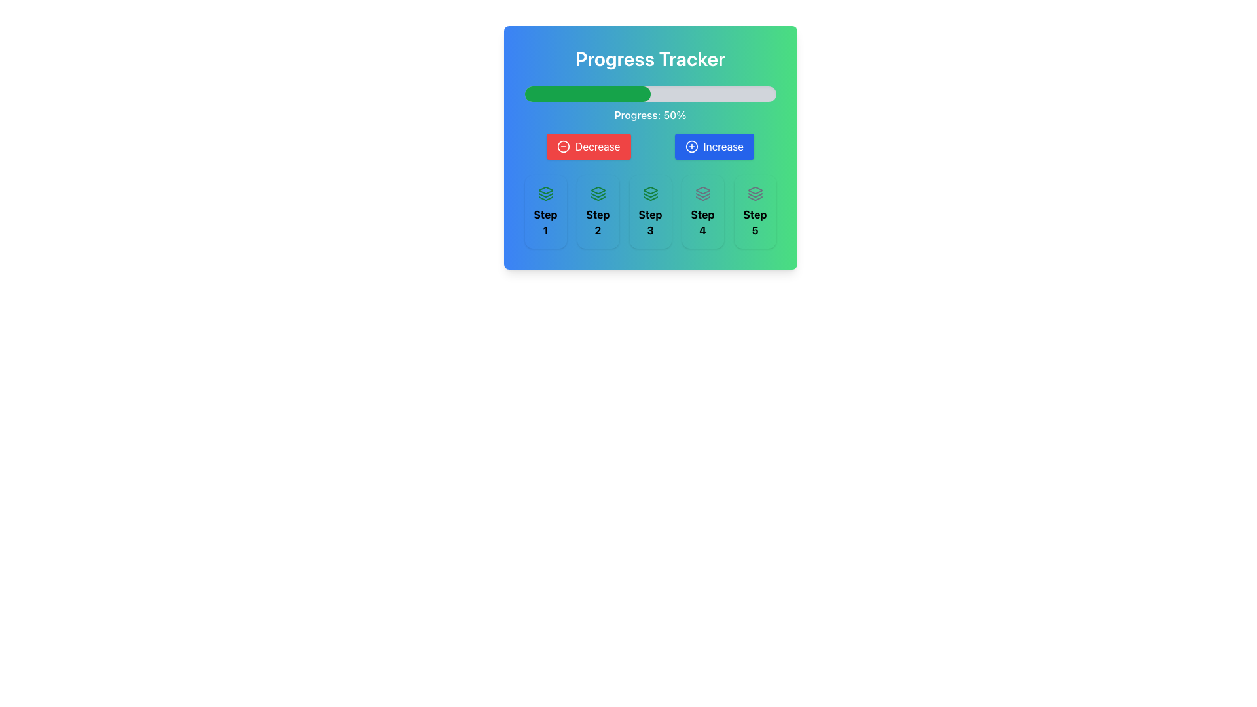 Image resolution: width=1257 pixels, height=707 pixels. Describe the element at coordinates (650, 221) in the screenshot. I see `text label that identifies the third step in the progress tracker, positioned beneath the stacked icon in the third step card` at that location.